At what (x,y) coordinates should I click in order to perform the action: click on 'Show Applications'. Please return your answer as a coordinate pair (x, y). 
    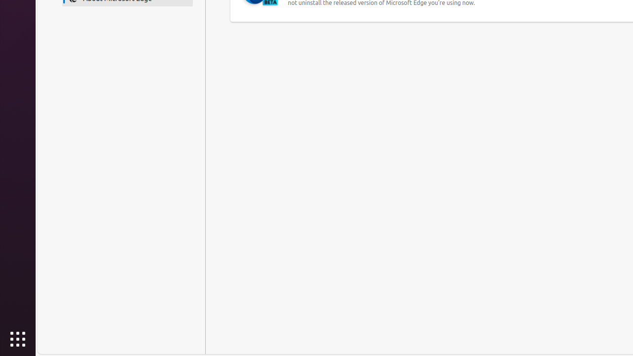
    Looking at the image, I should click on (17, 339).